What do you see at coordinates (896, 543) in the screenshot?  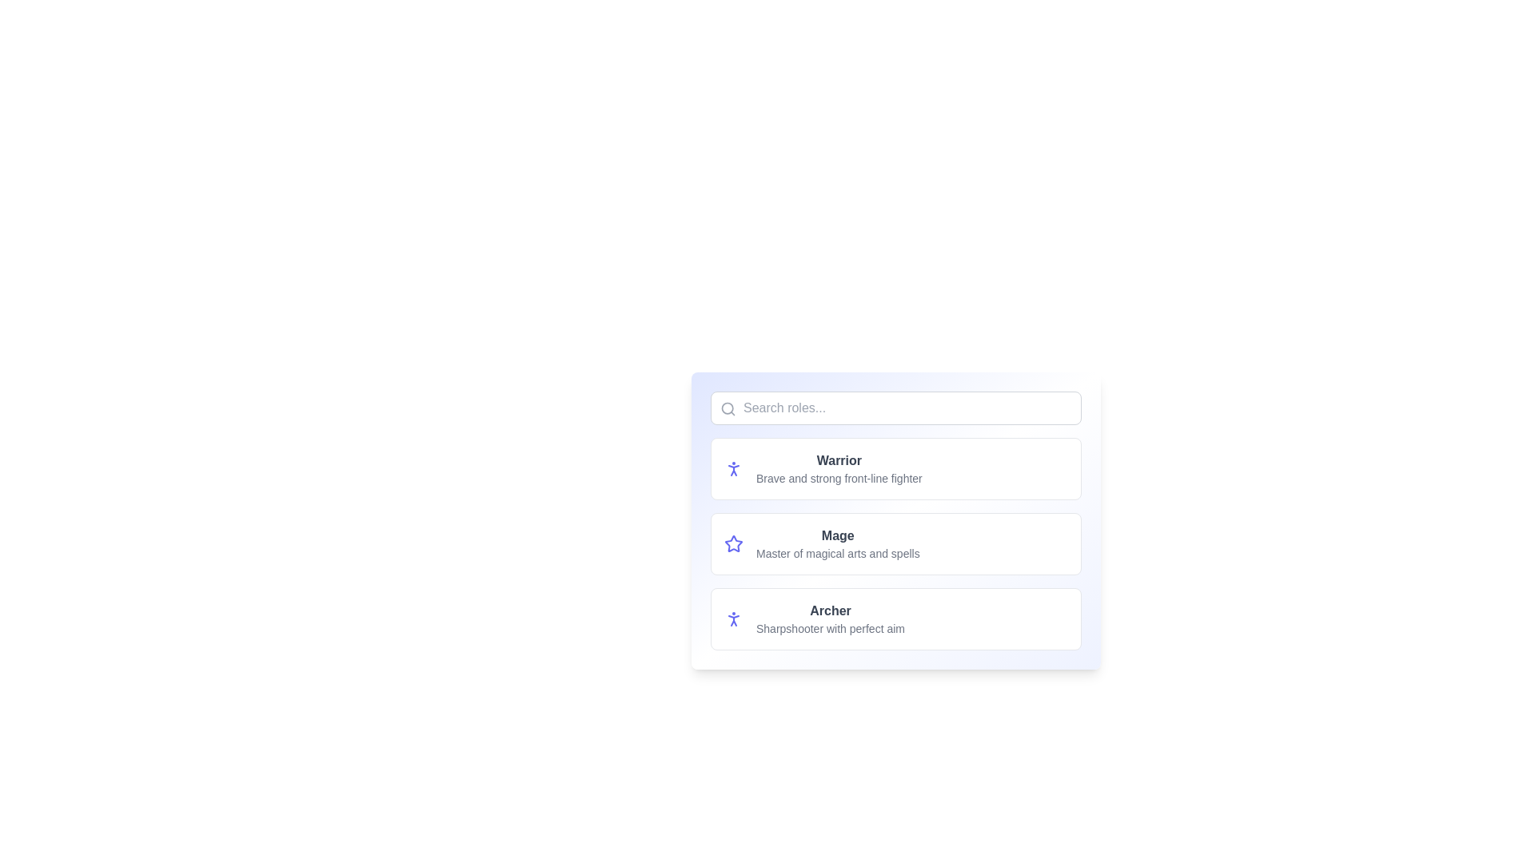 I see `the second panel in the vertical list of role descriptions` at bounding box center [896, 543].